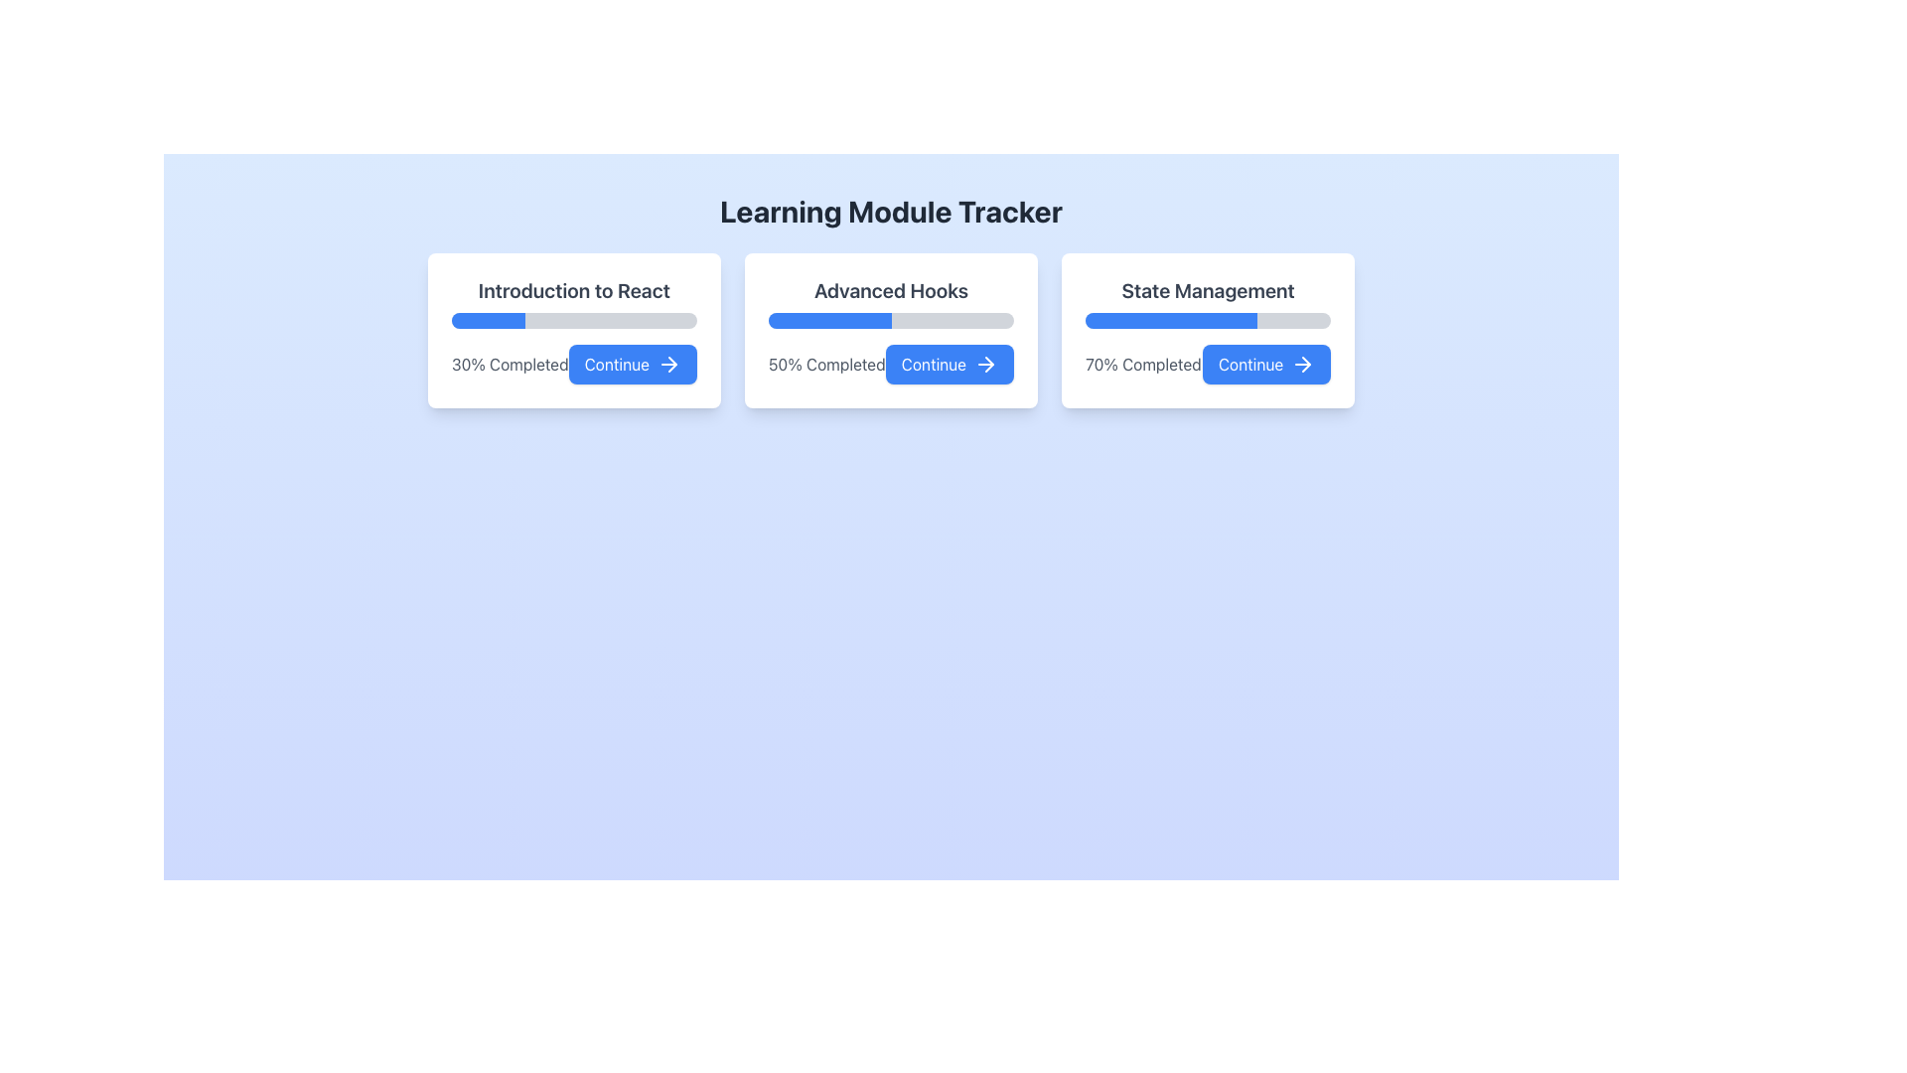  Describe the element at coordinates (1303, 364) in the screenshot. I see `the rightward arrow icon within the 'Continue' button of the 'State Management' card` at that location.